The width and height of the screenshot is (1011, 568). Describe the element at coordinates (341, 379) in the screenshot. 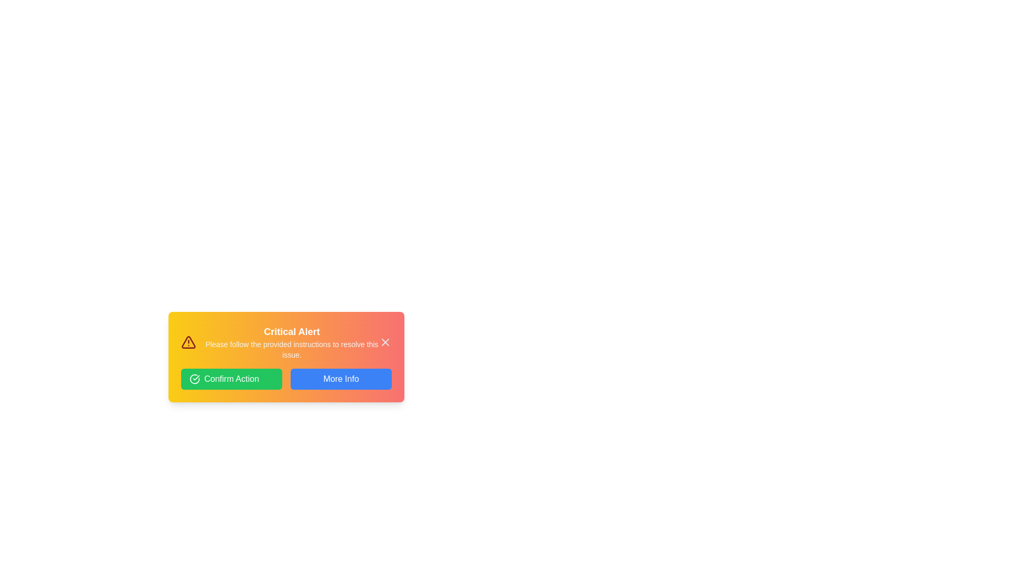

I see `the 'More Info' button to request additional information` at that location.